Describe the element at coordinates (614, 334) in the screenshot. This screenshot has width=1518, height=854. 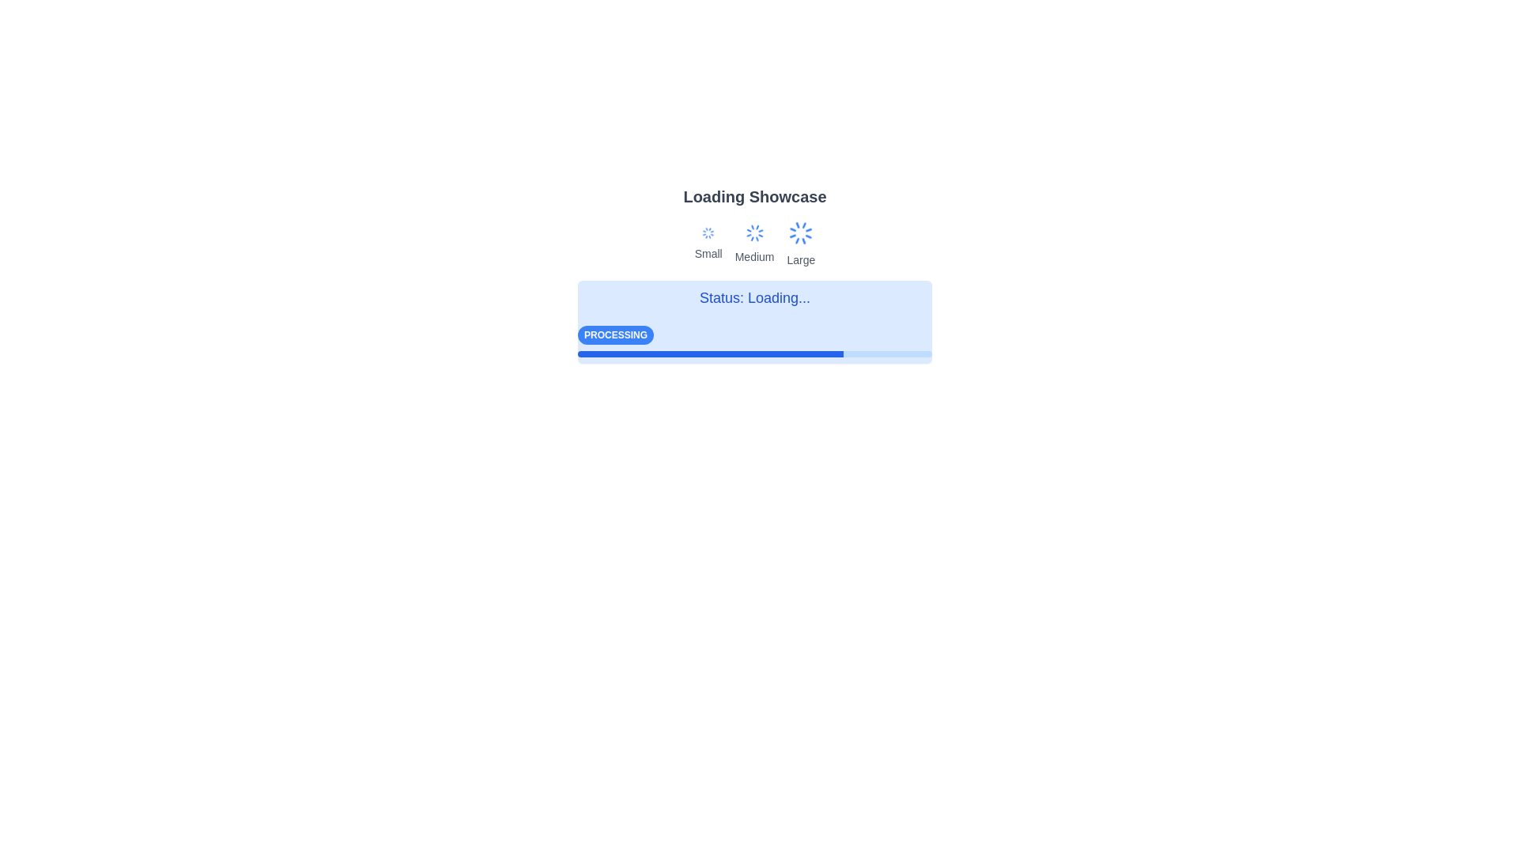
I see `the 'Processing' status badge located at the bottom-left corner of the blue-shaded loading status interface` at that location.